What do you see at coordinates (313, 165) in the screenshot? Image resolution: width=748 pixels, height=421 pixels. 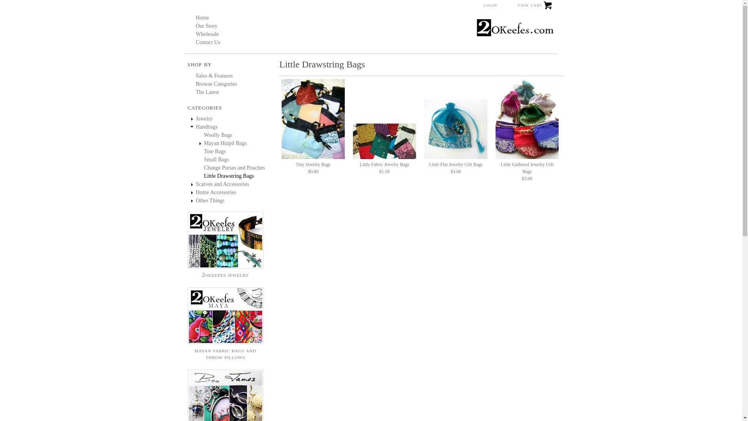 I see `'Tiny Jewelry Bags` at bounding box center [313, 165].